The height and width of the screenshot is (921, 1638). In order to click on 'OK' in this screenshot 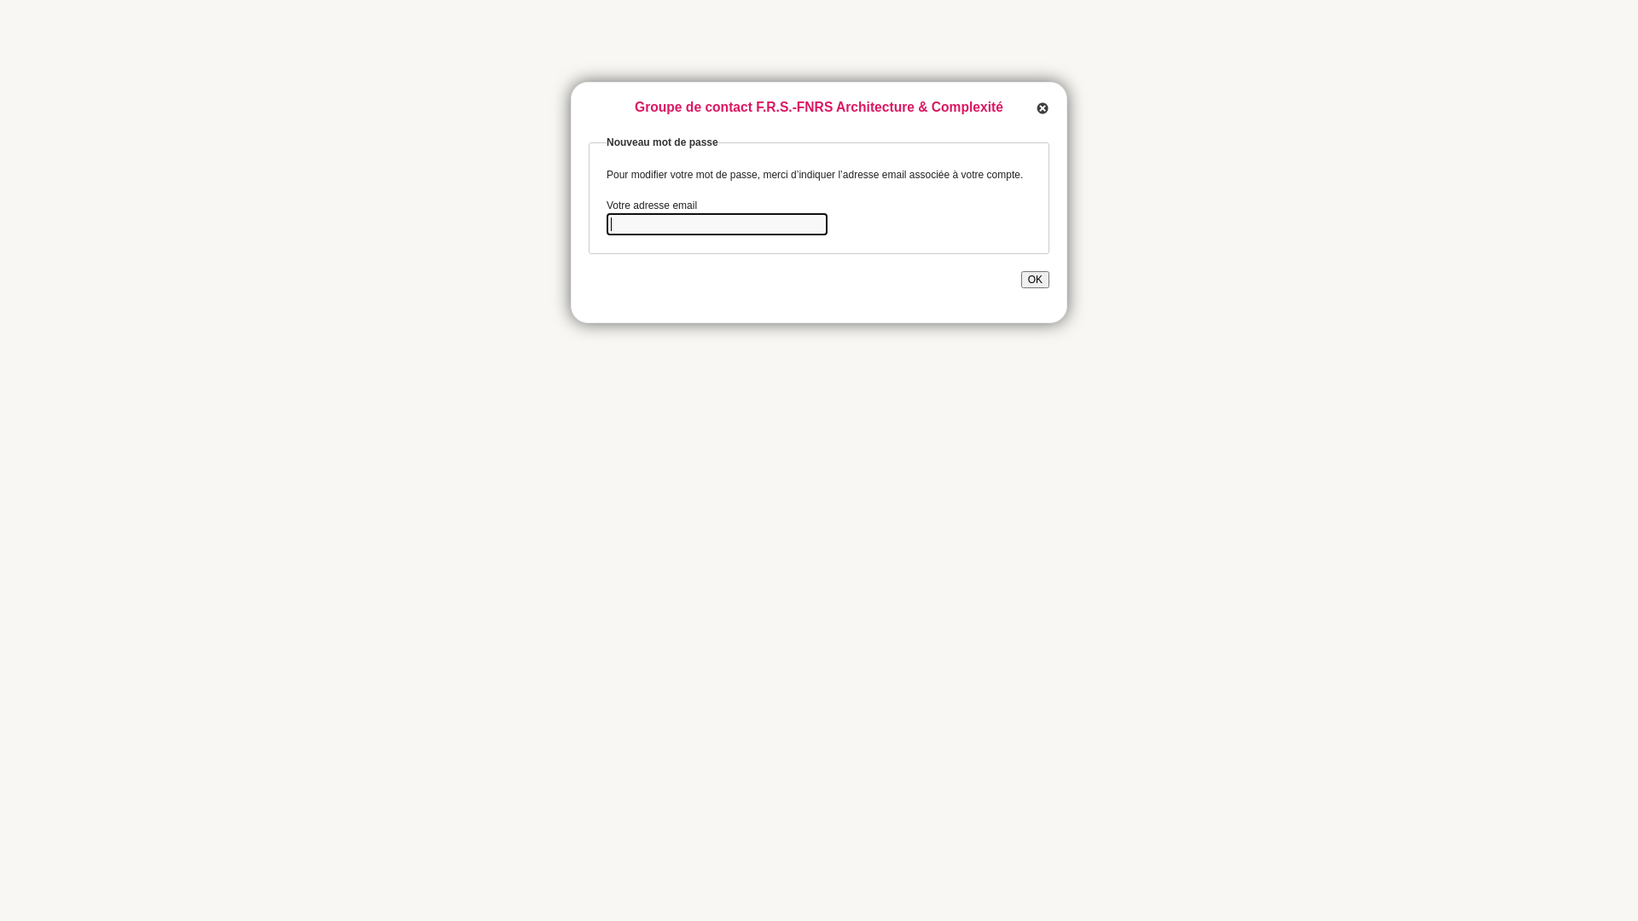, I will do `click(1020, 278)`.